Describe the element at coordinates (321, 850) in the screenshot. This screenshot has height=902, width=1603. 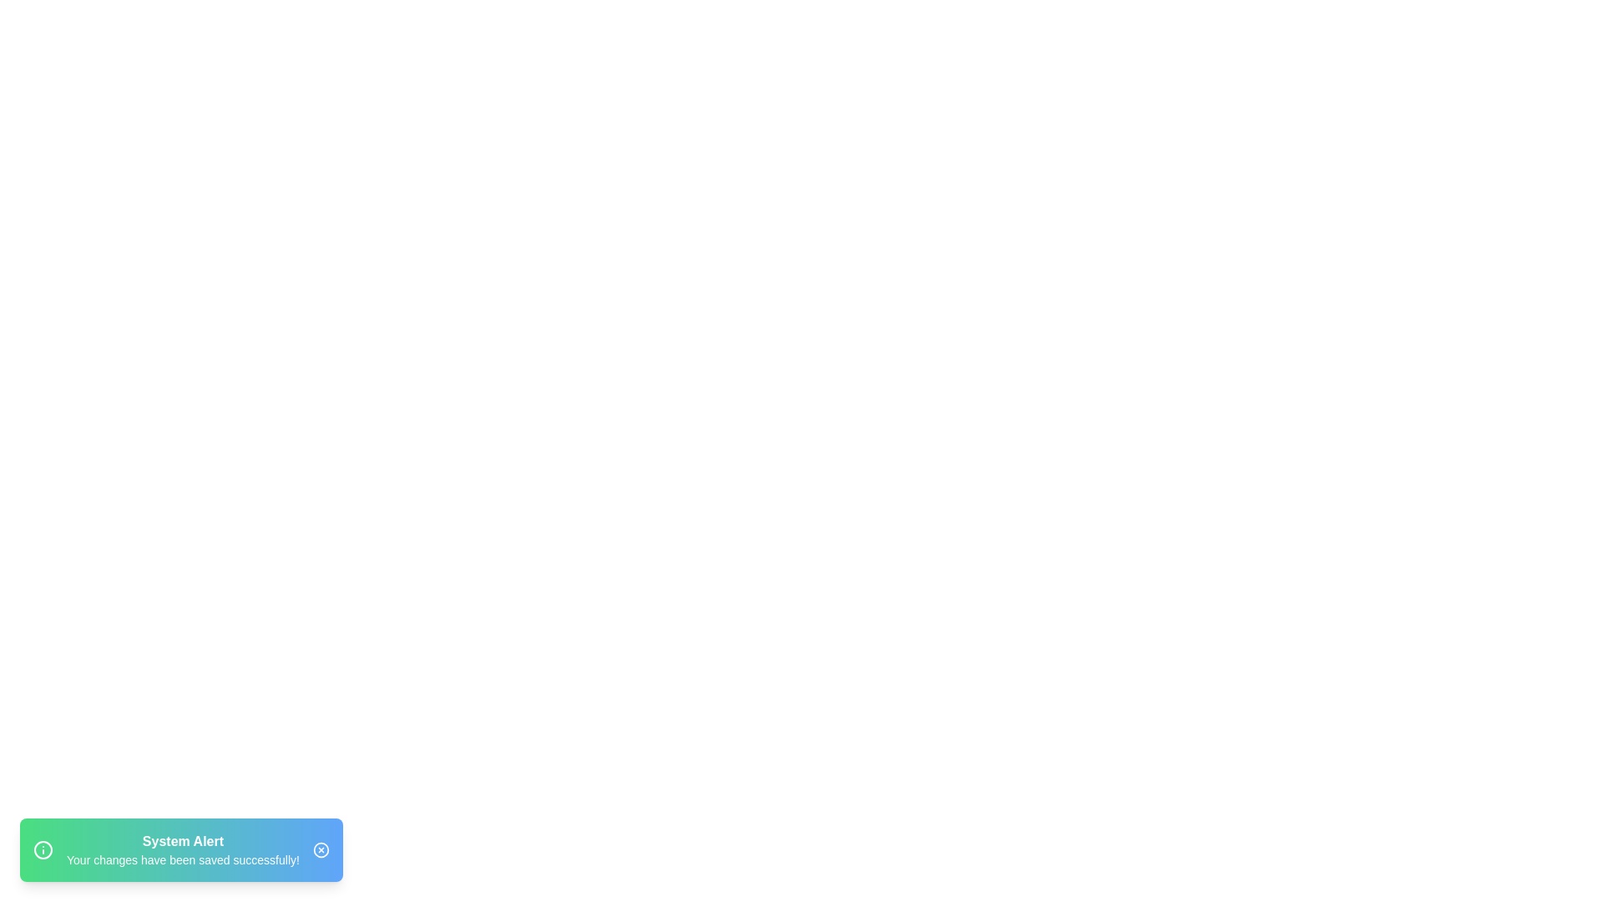
I see `the close button to dismiss the notification` at that location.